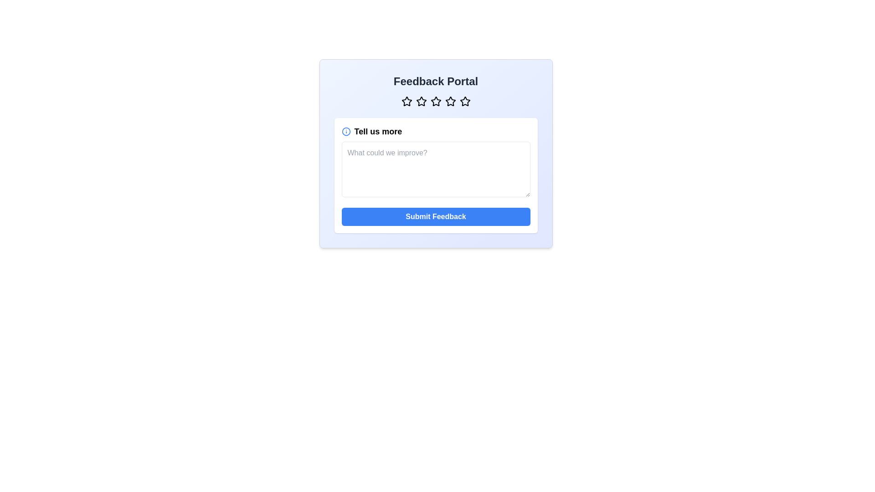  Describe the element at coordinates (465, 102) in the screenshot. I see `the fifth star rating icon` at that location.